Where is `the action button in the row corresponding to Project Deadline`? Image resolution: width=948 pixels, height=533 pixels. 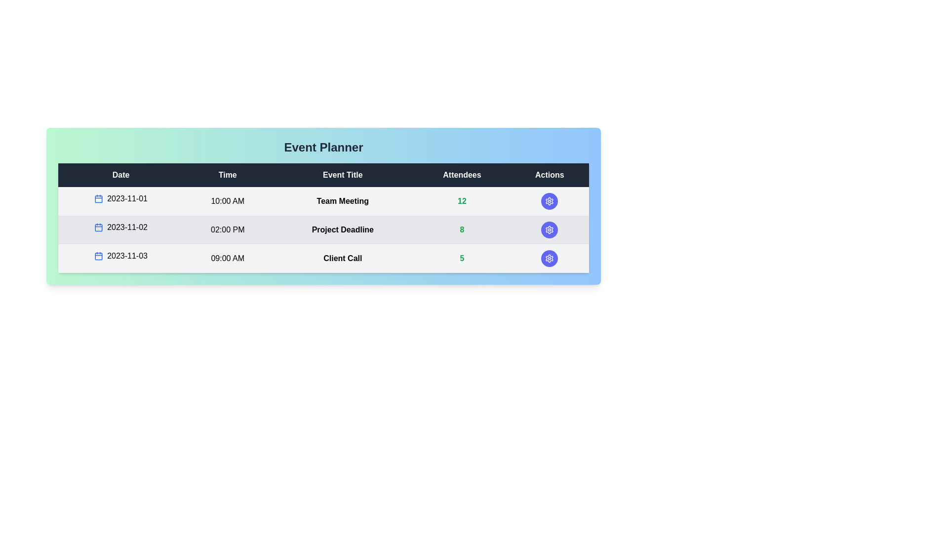
the action button in the row corresponding to Project Deadline is located at coordinates (549, 230).